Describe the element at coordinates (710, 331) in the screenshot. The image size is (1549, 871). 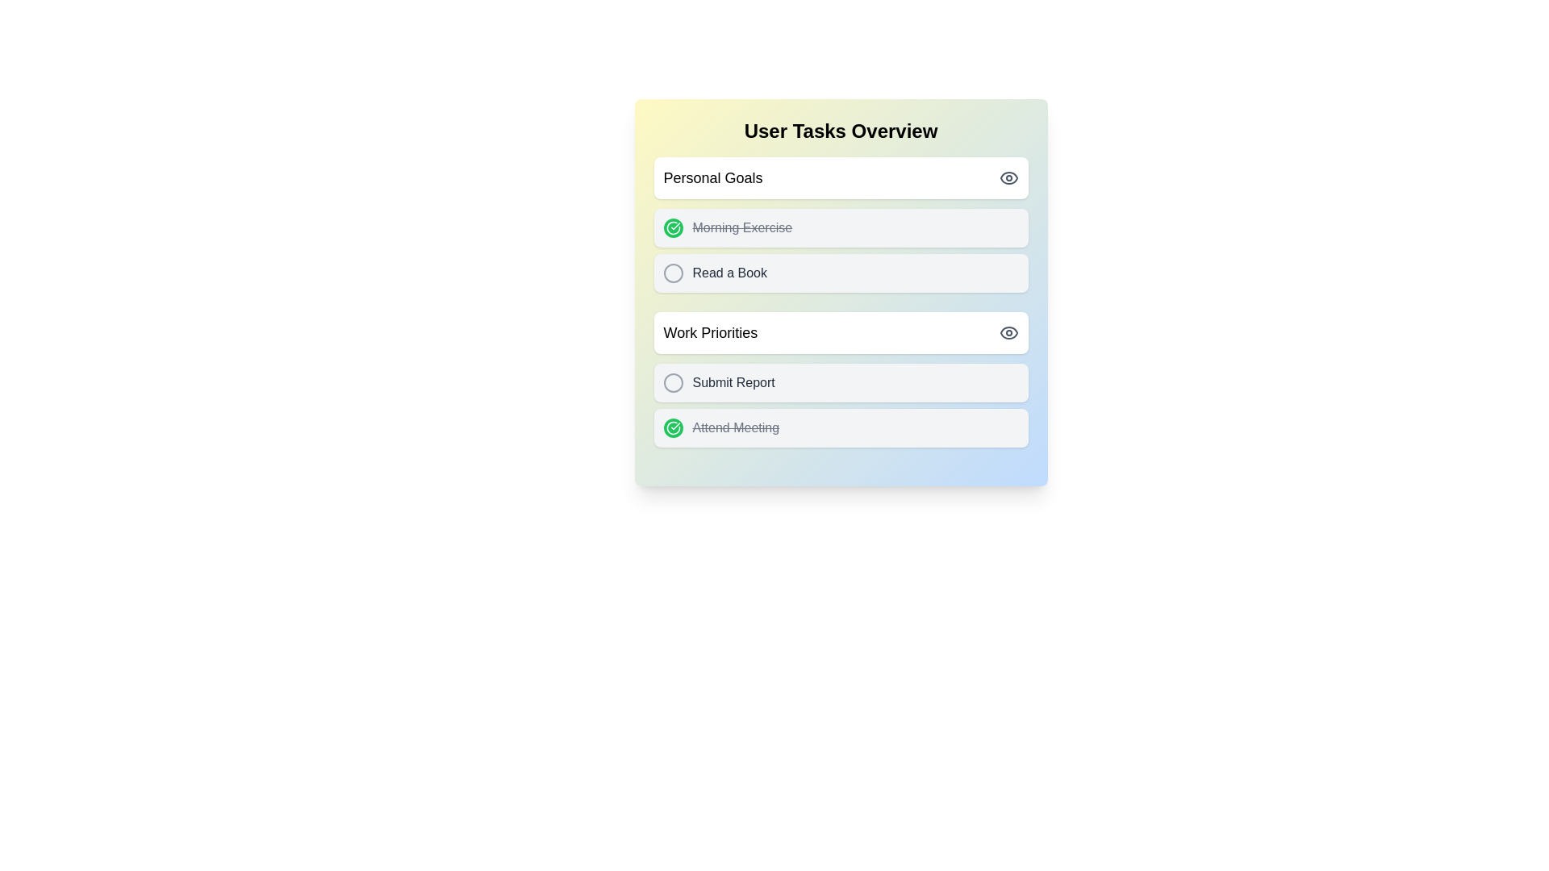
I see `the 'Work Priorities' text label, which is bold and part of the task list under 'User Tasks Overview'` at that location.